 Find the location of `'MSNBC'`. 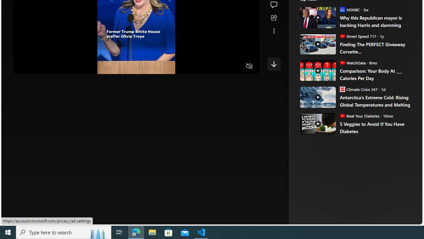

'MSNBC' is located at coordinates (342, 9).